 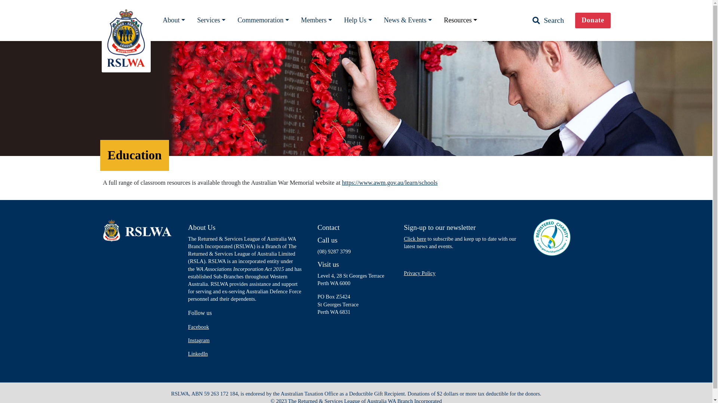 I want to click on 'Facebook', so click(x=199, y=326).